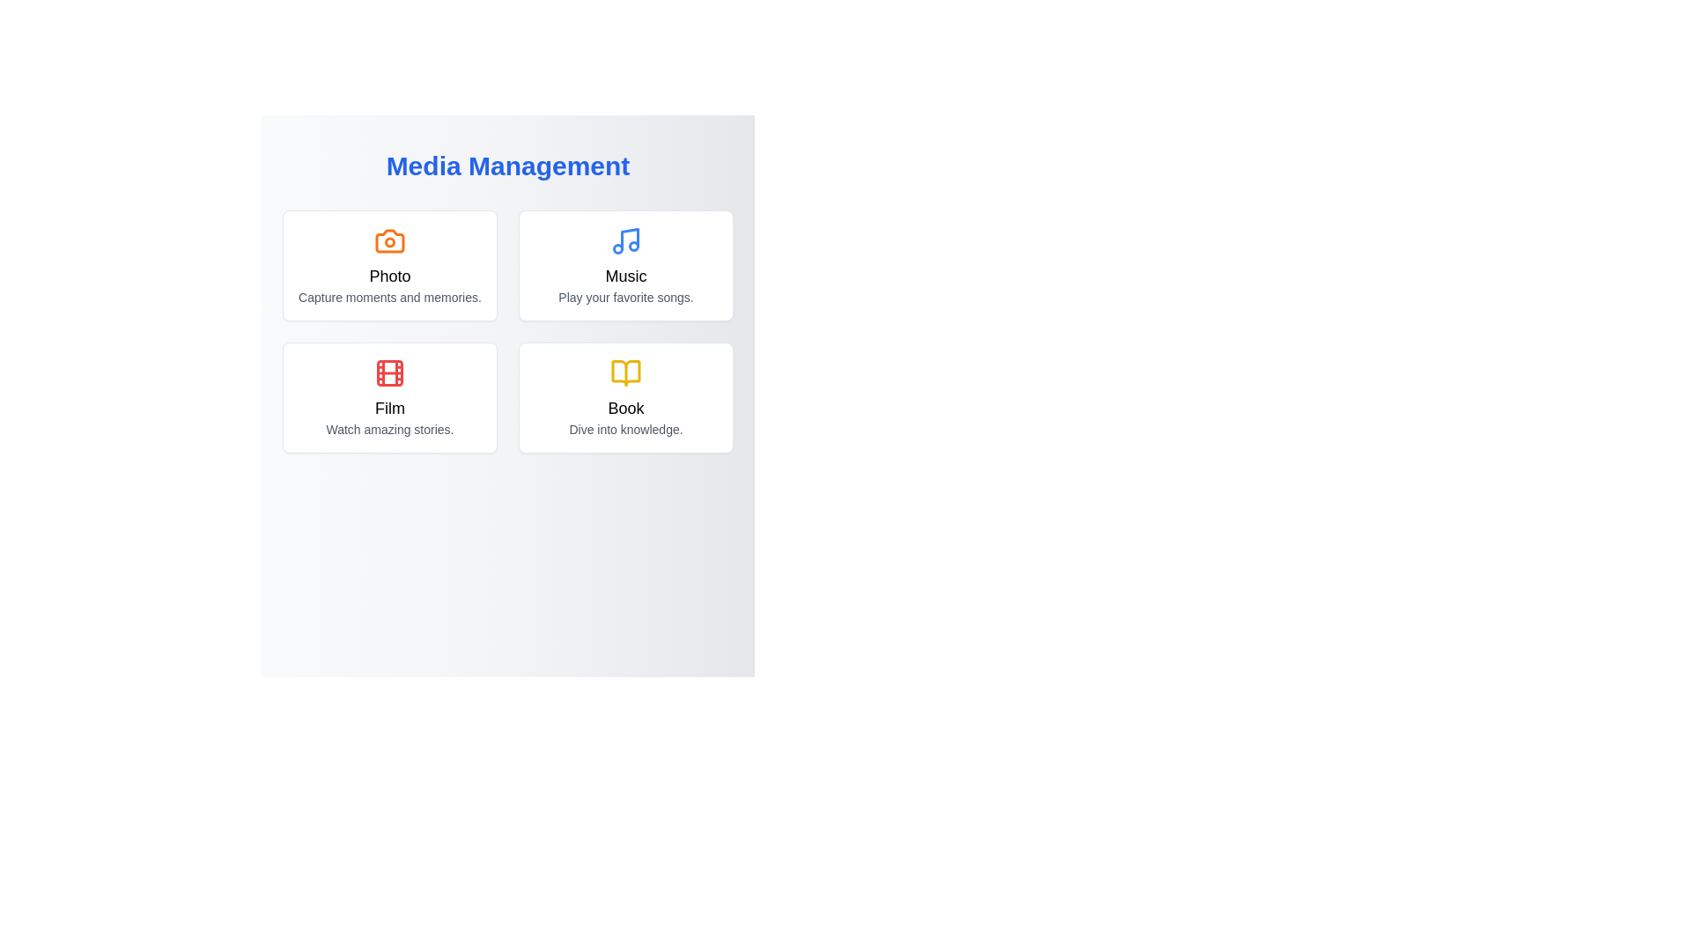  I want to click on the informational card with a blue musical note icon and the title 'Music' in bold black text, which is located in the top row, second column of the grid below the 'Media Management' header, so click(625, 265).